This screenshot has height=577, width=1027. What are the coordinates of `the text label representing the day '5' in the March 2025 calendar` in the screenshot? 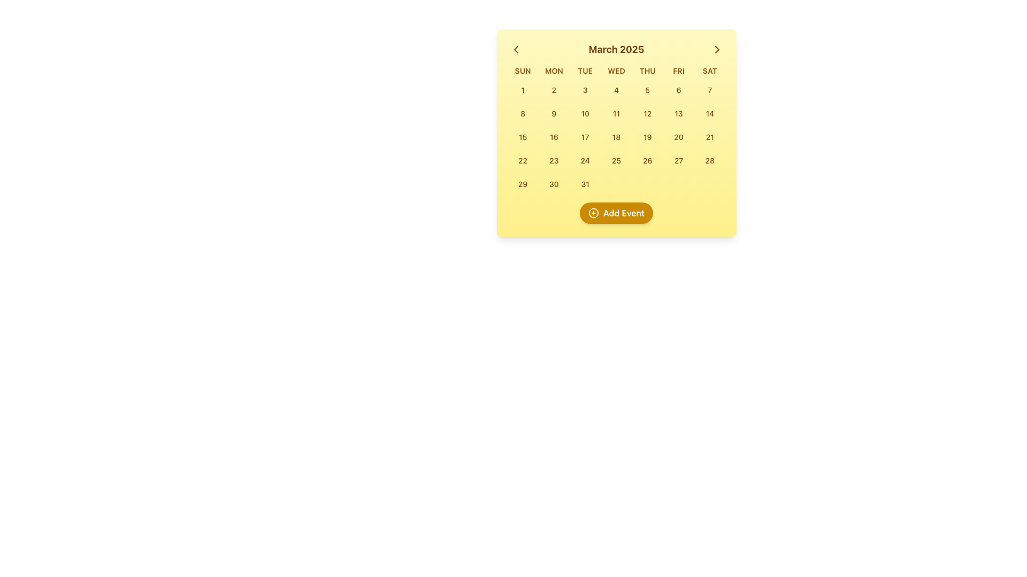 It's located at (647, 89).